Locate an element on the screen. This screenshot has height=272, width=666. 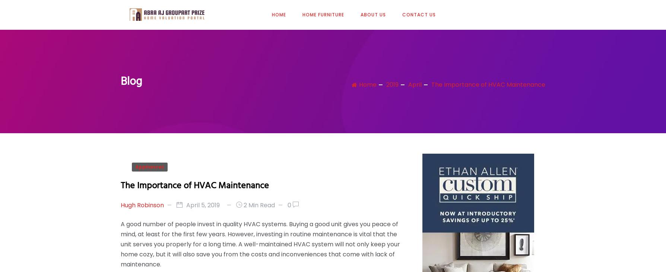
'0' is located at coordinates (289, 204).